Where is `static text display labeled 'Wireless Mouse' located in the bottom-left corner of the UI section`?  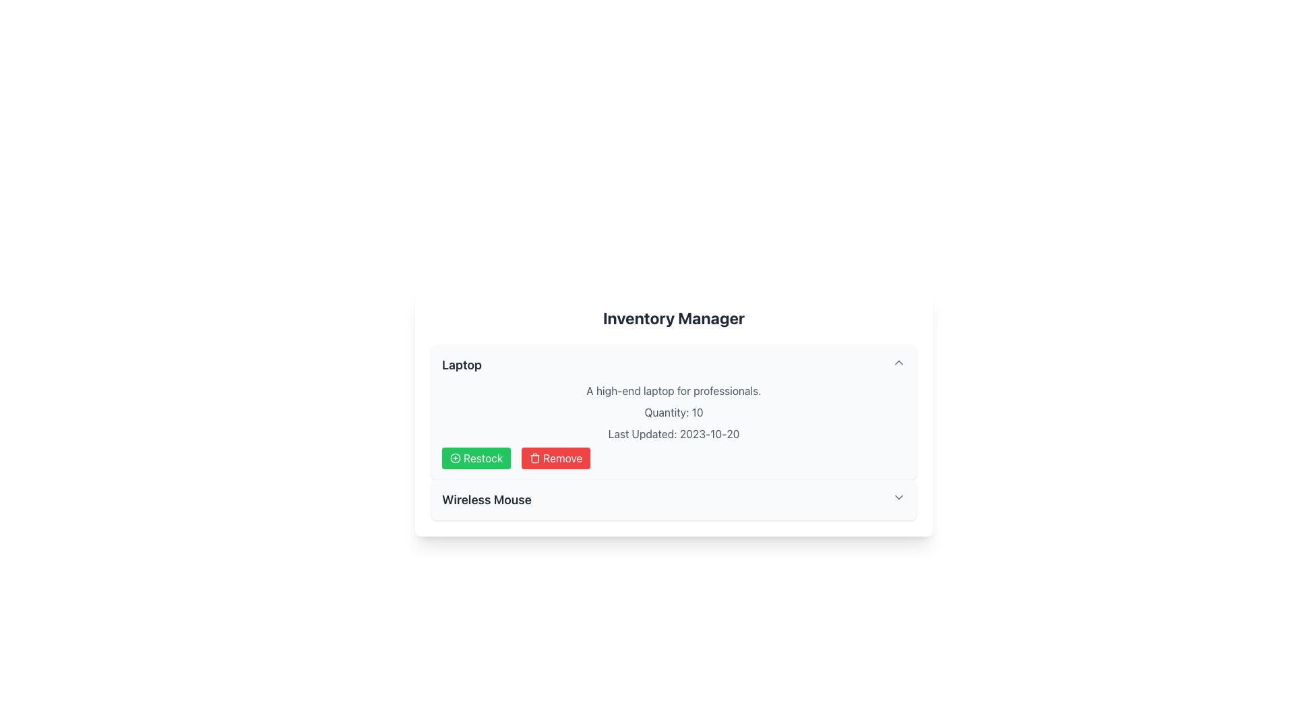 static text display labeled 'Wireless Mouse' located in the bottom-left corner of the UI section is located at coordinates (486, 499).